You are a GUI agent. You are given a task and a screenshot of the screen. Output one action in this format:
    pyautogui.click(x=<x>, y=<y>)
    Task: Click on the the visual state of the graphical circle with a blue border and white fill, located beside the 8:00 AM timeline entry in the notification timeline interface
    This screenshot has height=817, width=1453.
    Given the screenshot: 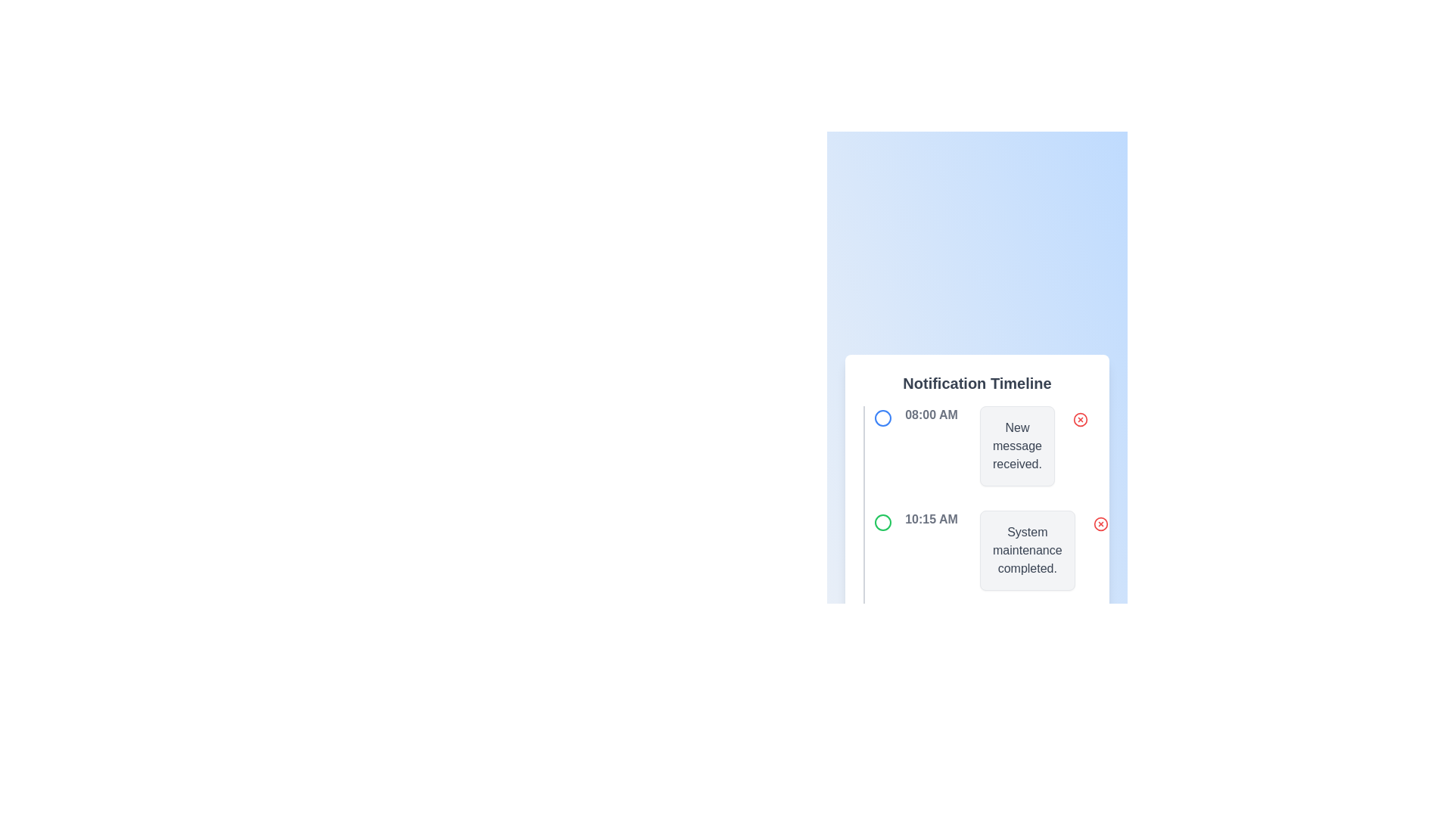 What is the action you would take?
    pyautogui.click(x=882, y=418)
    